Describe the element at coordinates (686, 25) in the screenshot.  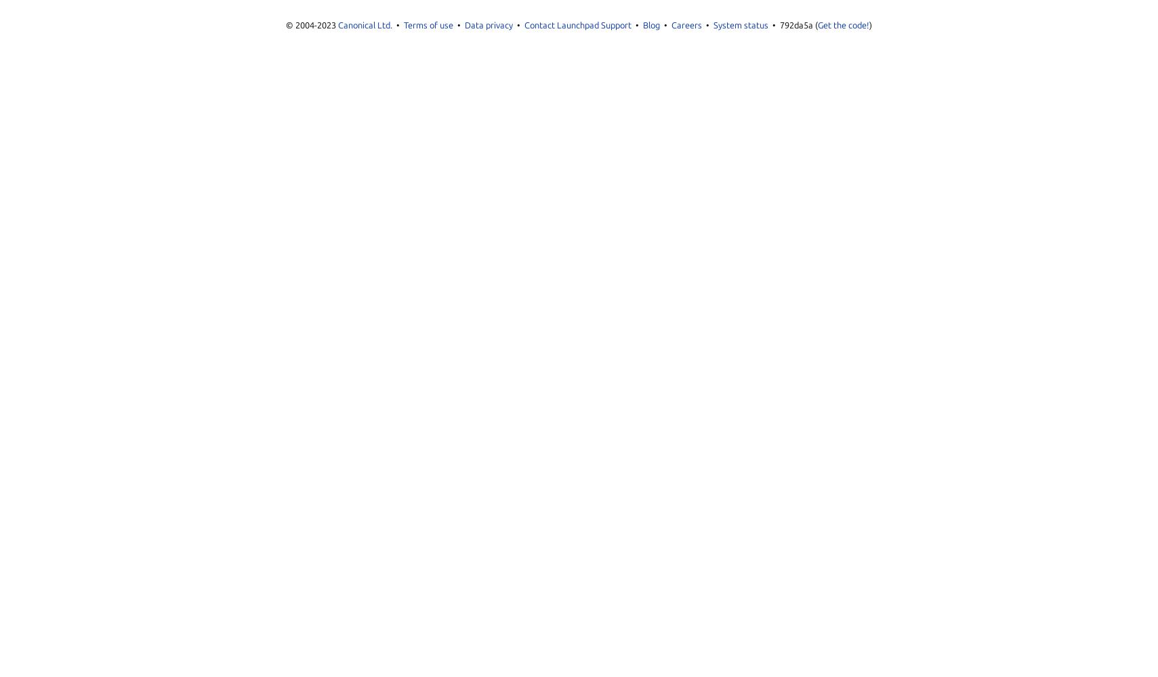
I see `'Careers'` at that location.